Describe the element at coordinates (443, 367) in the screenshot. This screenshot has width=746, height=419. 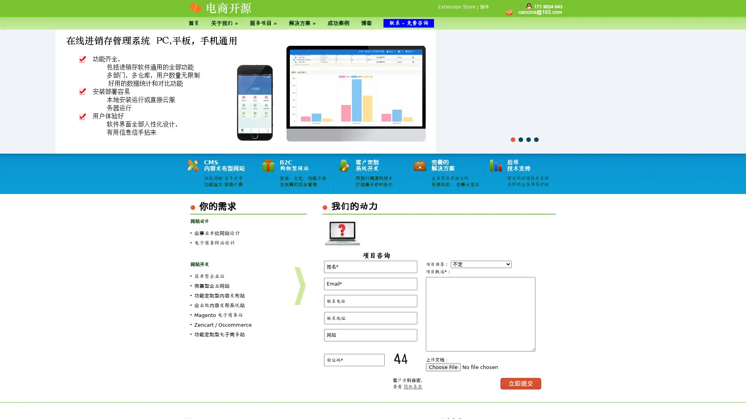
I see `Choose File` at that location.